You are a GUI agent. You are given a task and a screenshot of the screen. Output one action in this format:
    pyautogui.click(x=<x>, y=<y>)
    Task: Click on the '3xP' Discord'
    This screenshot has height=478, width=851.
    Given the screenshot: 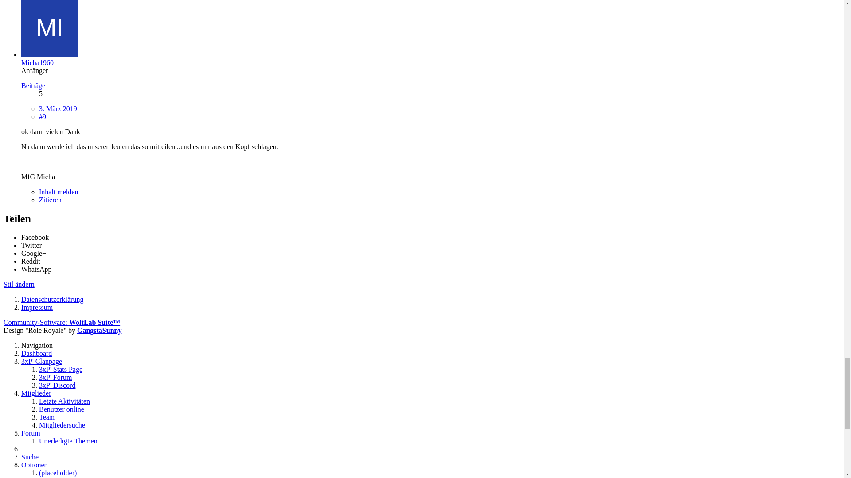 What is the action you would take?
    pyautogui.click(x=57, y=42)
    